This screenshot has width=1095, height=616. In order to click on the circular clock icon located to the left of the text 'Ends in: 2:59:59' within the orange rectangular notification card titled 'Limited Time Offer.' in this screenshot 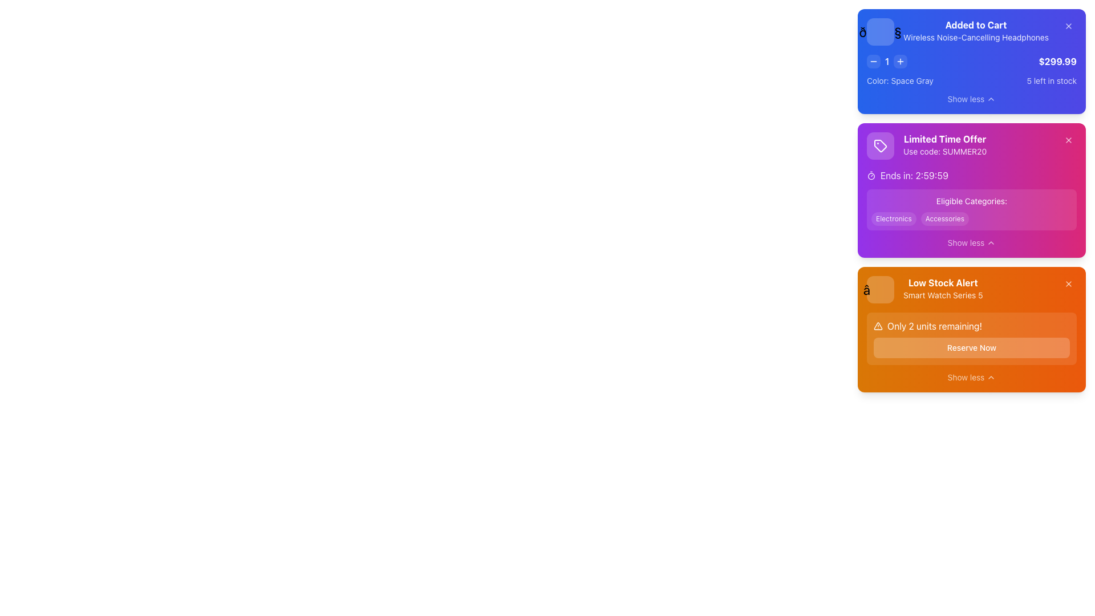, I will do `click(870, 176)`.